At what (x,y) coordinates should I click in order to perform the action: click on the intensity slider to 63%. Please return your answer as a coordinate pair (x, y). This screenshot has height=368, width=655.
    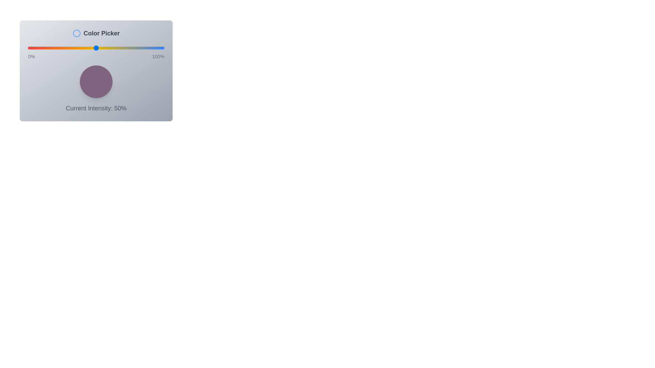
    Looking at the image, I should click on (114, 48).